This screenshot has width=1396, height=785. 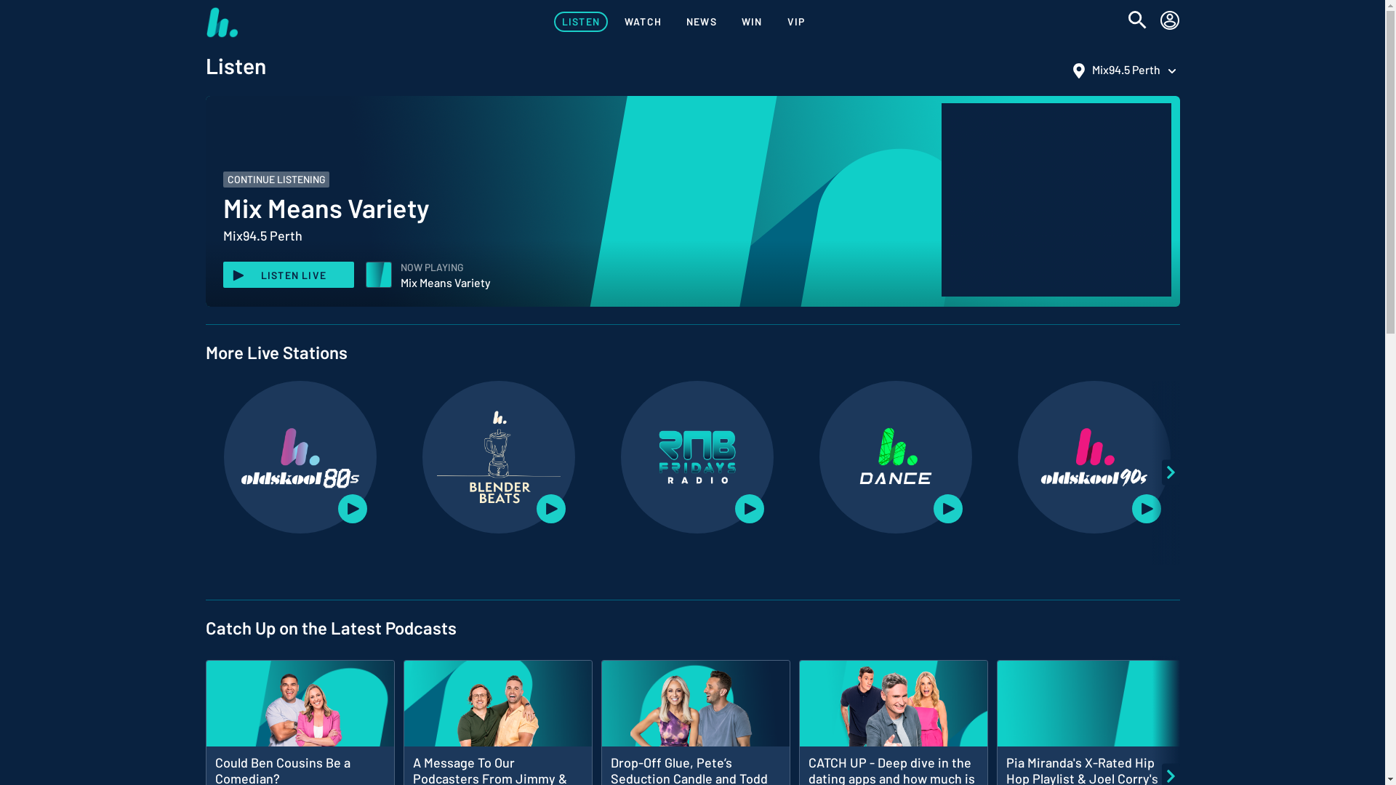 I want to click on 'LISTEN', so click(x=579, y=22).